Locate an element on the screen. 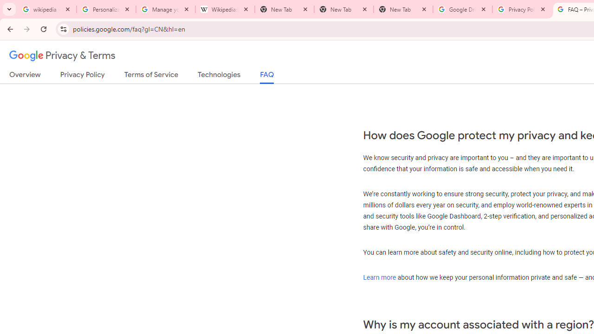 Image resolution: width=594 pixels, height=334 pixels. 'New Tab' is located at coordinates (403, 9).